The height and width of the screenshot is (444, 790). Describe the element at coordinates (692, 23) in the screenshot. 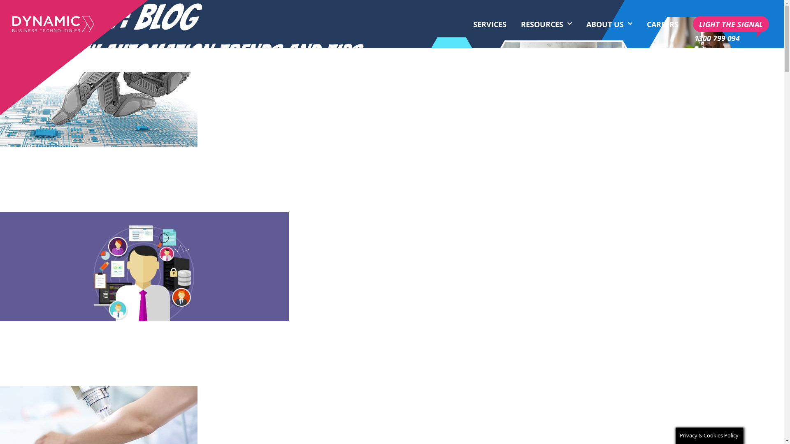

I see `'LIGHT THE SIGNAL'` at that location.